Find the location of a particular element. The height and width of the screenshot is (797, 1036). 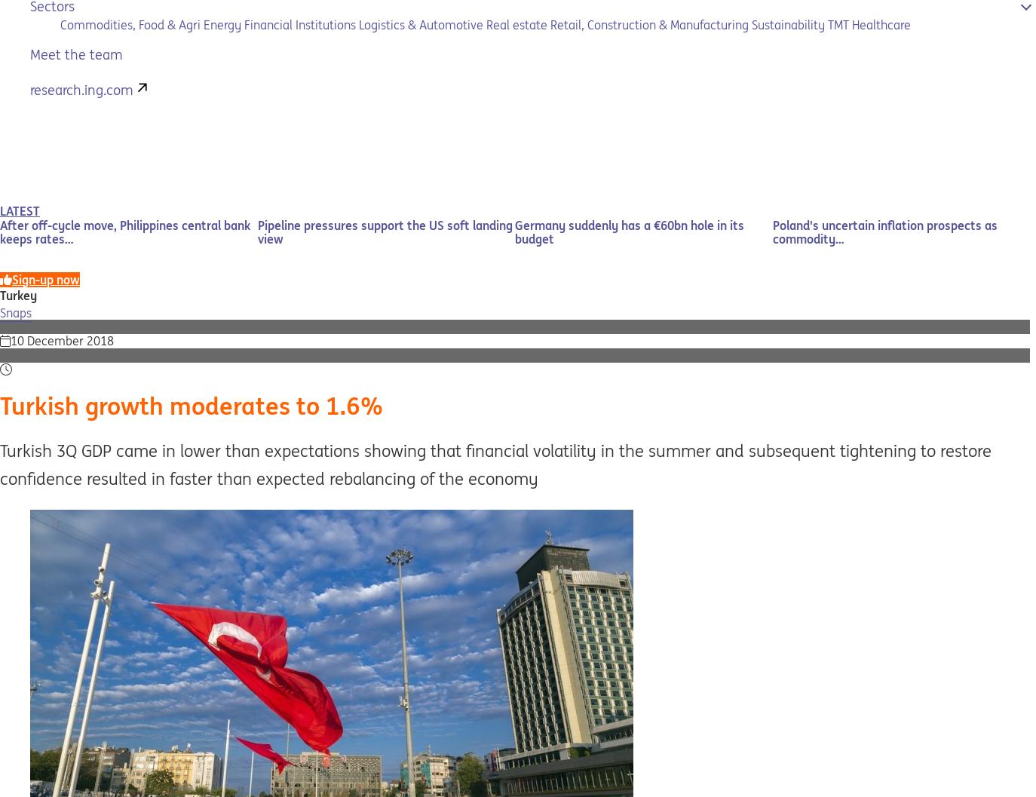

'Snaps' is located at coordinates (15, 311).